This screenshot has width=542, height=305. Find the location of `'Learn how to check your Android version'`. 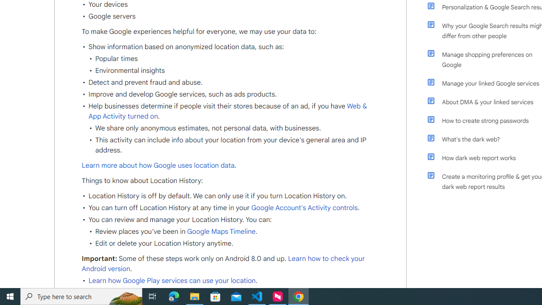

'Learn how to check your Android version' is located at coordinates (223, 263).